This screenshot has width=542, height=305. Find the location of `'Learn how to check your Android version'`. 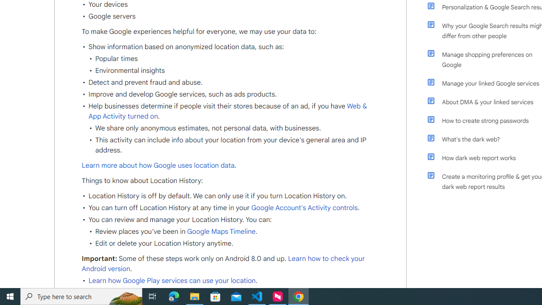

'Learn how to check your Android version' is located at coordinates (223, 263).